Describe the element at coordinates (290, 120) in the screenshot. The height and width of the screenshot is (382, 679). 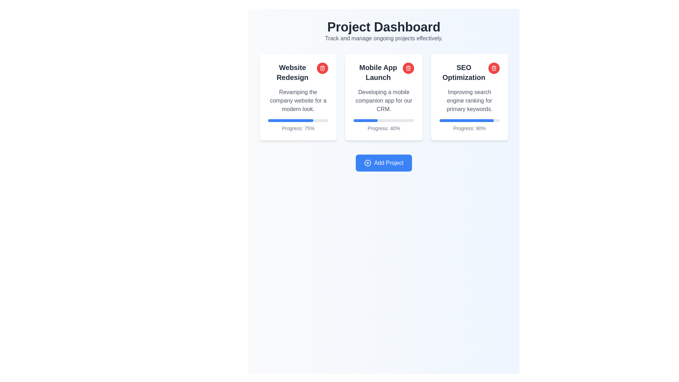
I see `the blue progress indicator bar representing 75% completion within the gray progress bar beneath the 'Website Redesign' card, located in the top row, first card from the left` at that location.